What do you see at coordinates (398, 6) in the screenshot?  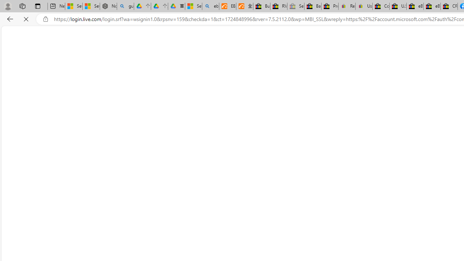 I see `'U.S. State Privacy Disclosures - eBay Inc.'` at bounding box center [398, 6].